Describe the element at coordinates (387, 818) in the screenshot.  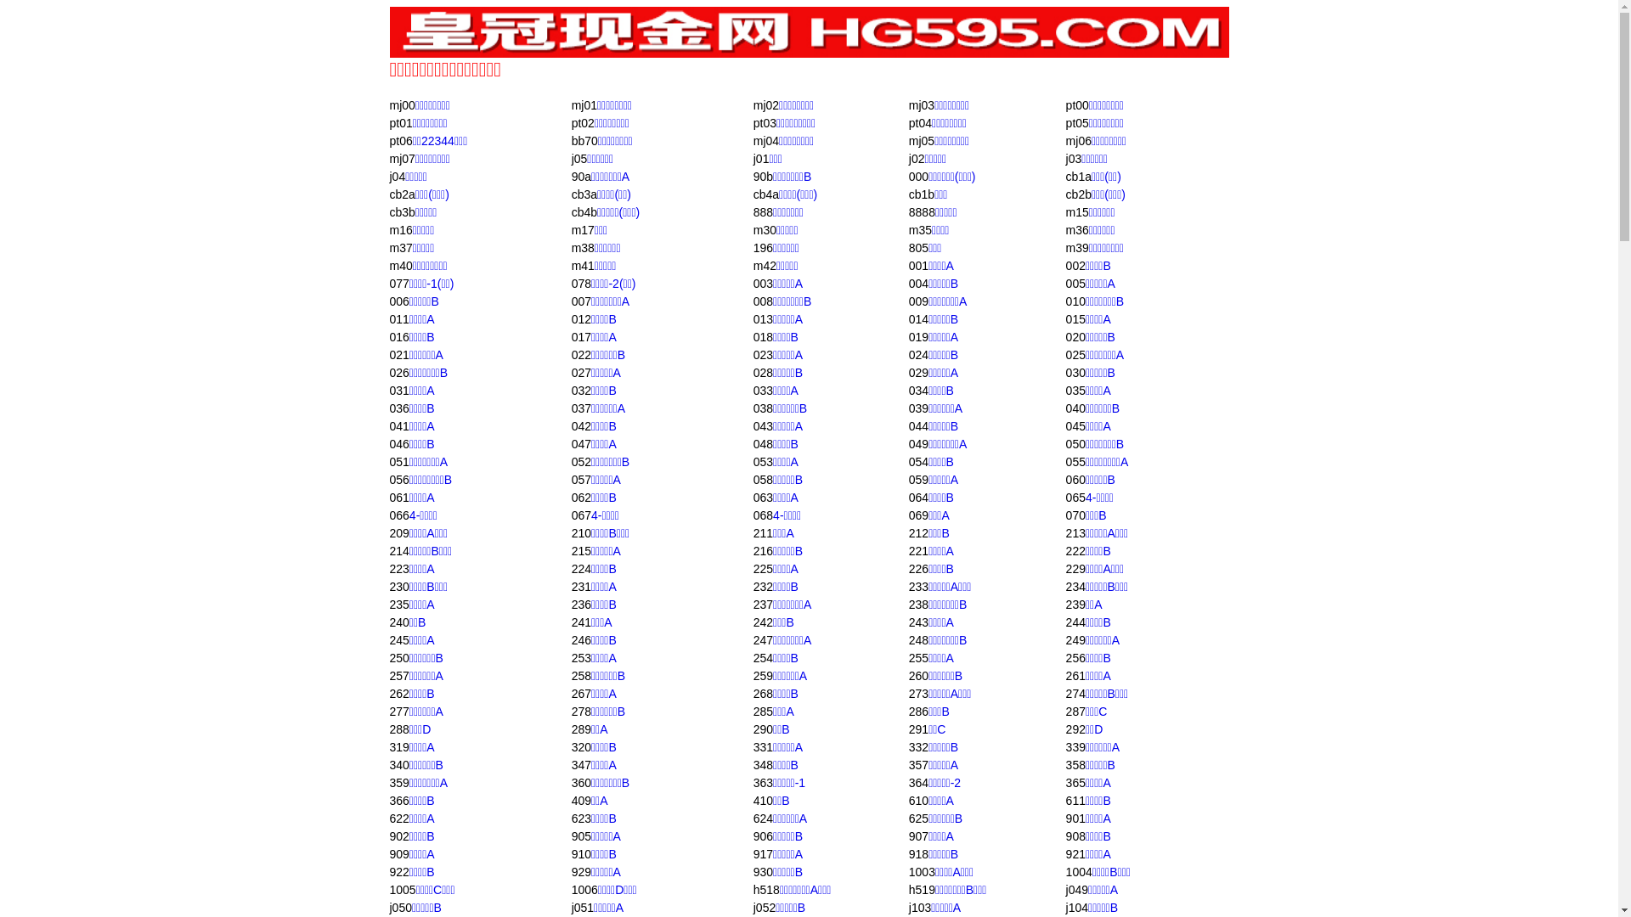
I see `'622'` at that location.